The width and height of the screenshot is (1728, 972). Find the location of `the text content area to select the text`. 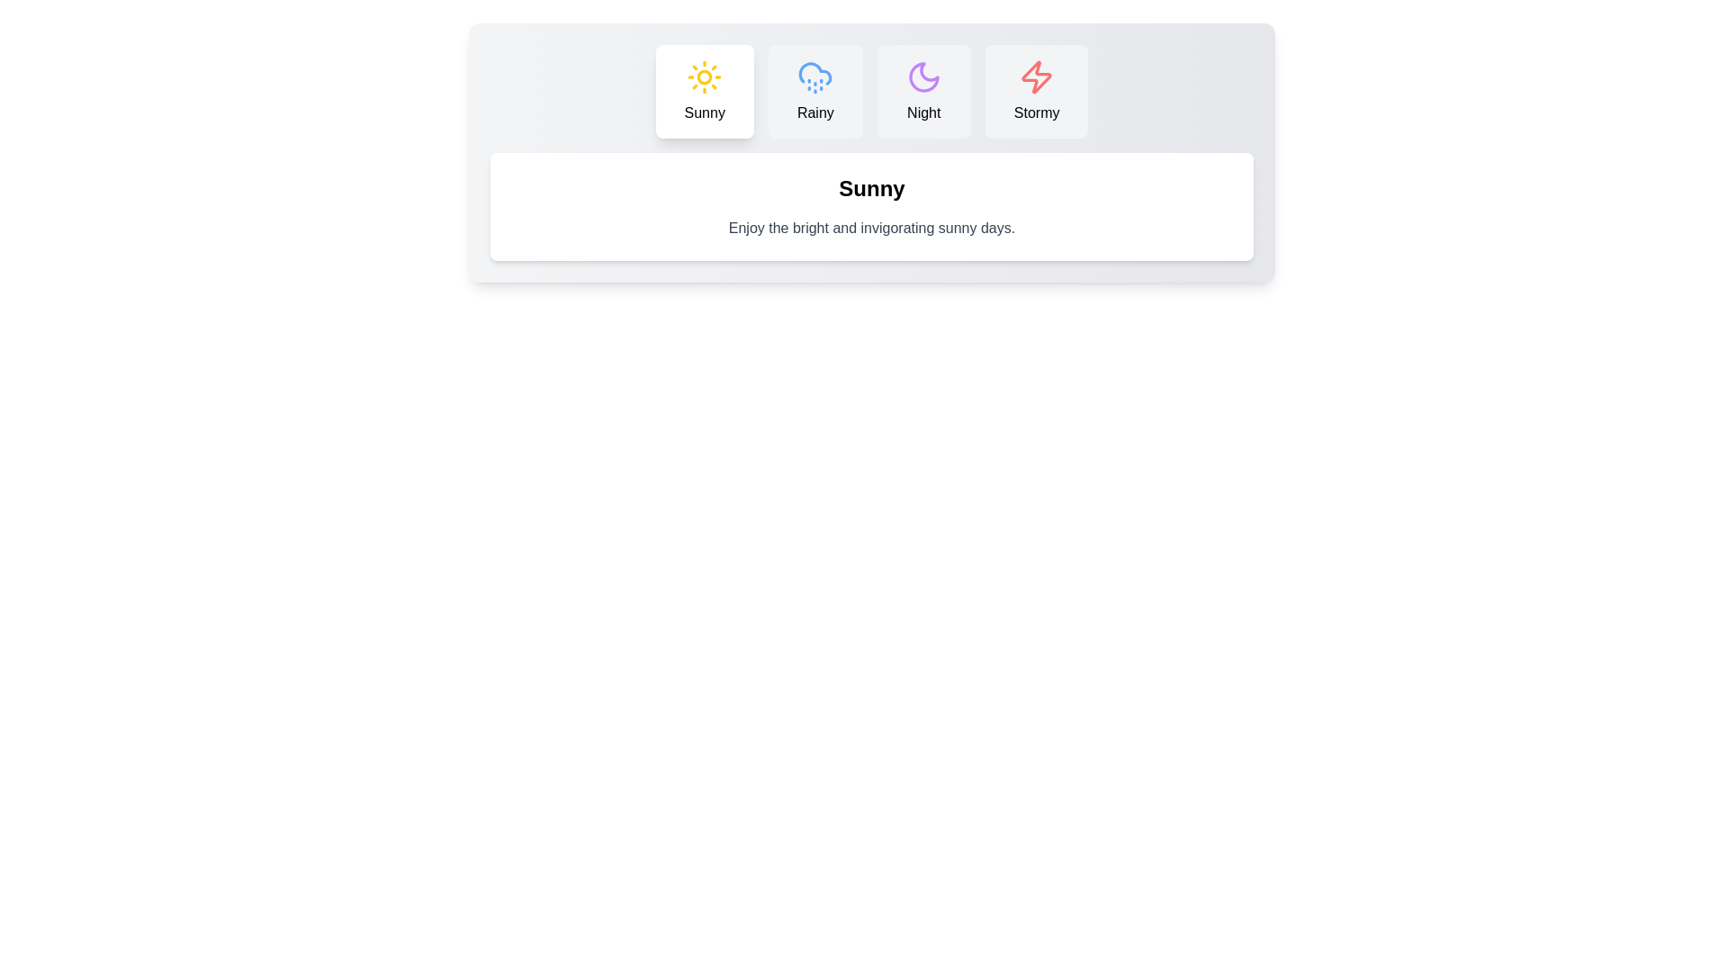

the text content area to select the text is located at coordinates (872, 206).